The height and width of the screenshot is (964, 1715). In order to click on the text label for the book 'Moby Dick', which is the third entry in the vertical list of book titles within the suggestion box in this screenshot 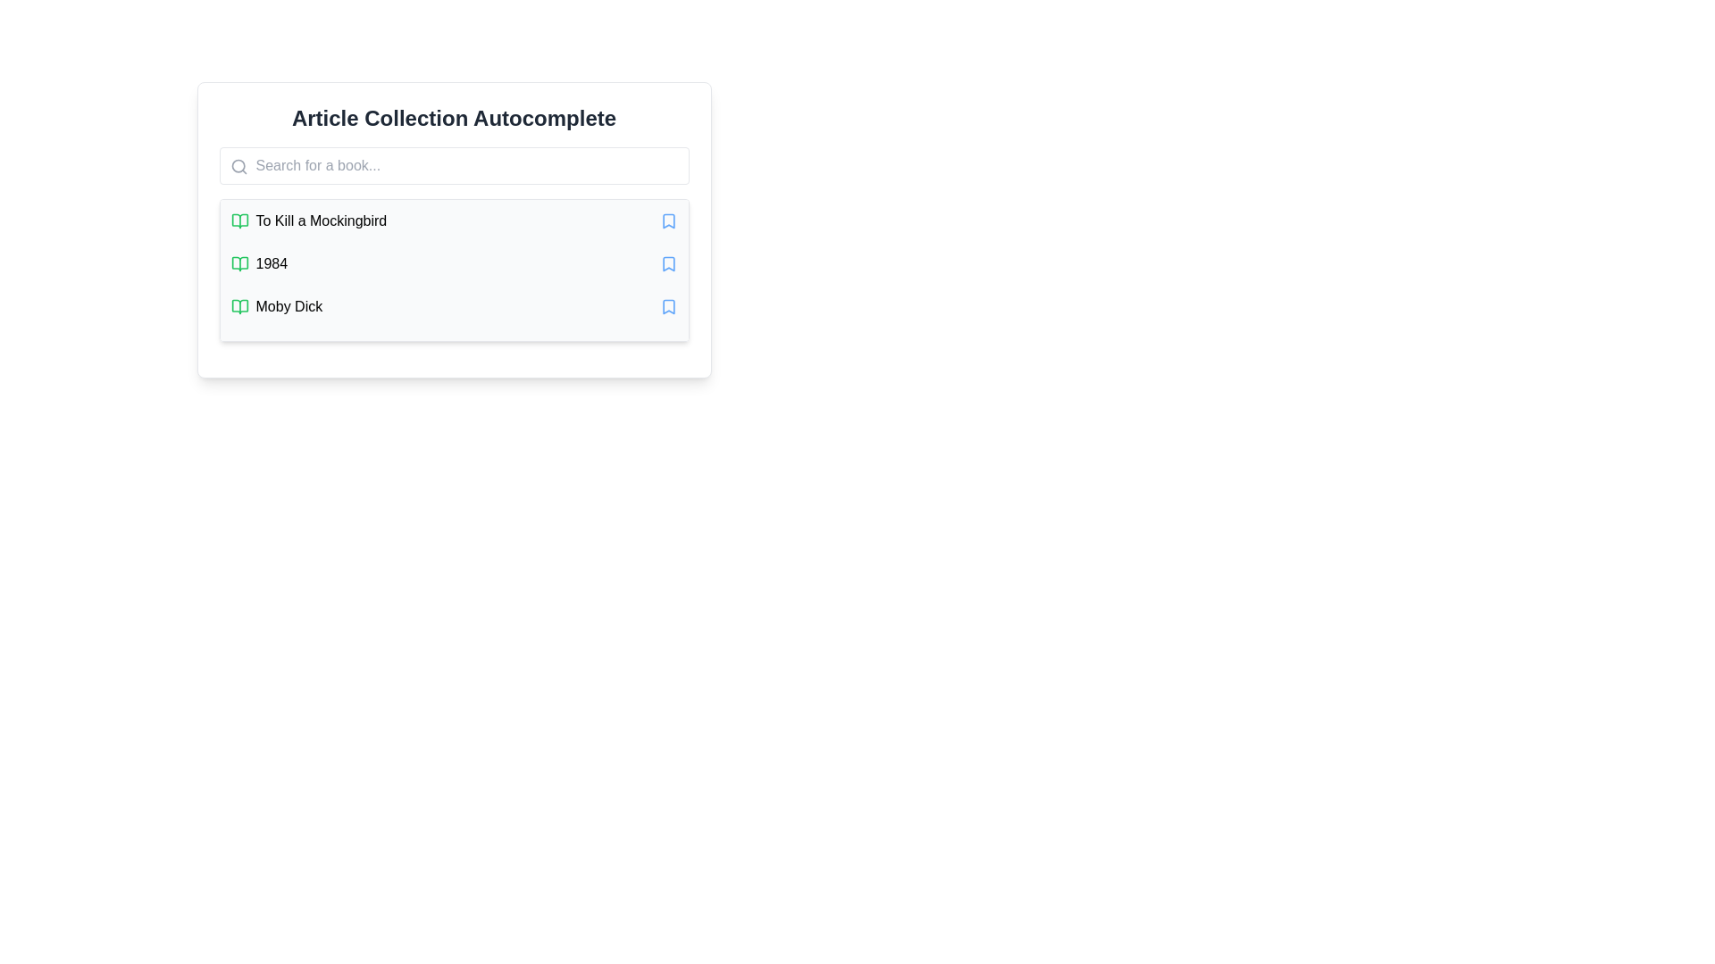, I will do `click(289, 305)`.